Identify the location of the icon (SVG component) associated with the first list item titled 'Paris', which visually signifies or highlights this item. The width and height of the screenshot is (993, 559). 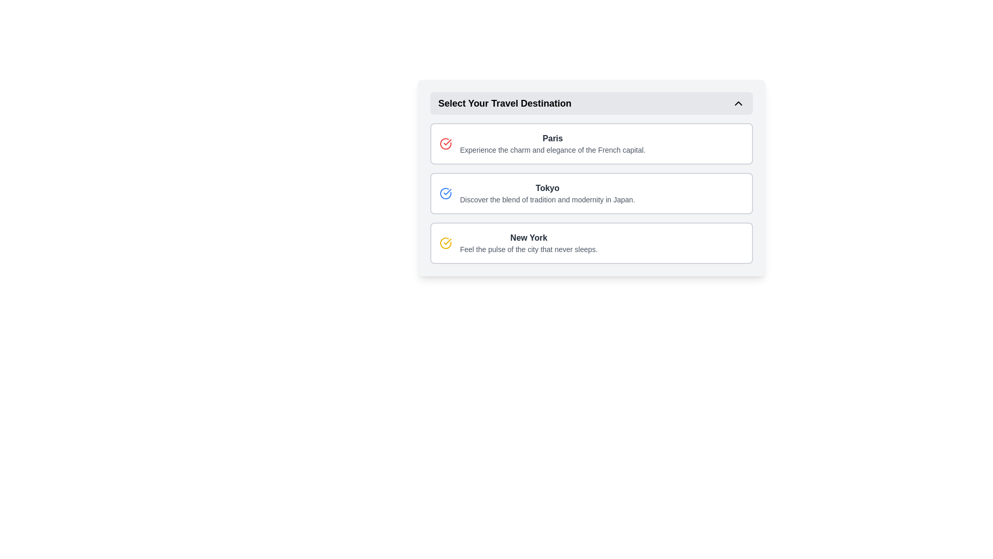
(447, 142).